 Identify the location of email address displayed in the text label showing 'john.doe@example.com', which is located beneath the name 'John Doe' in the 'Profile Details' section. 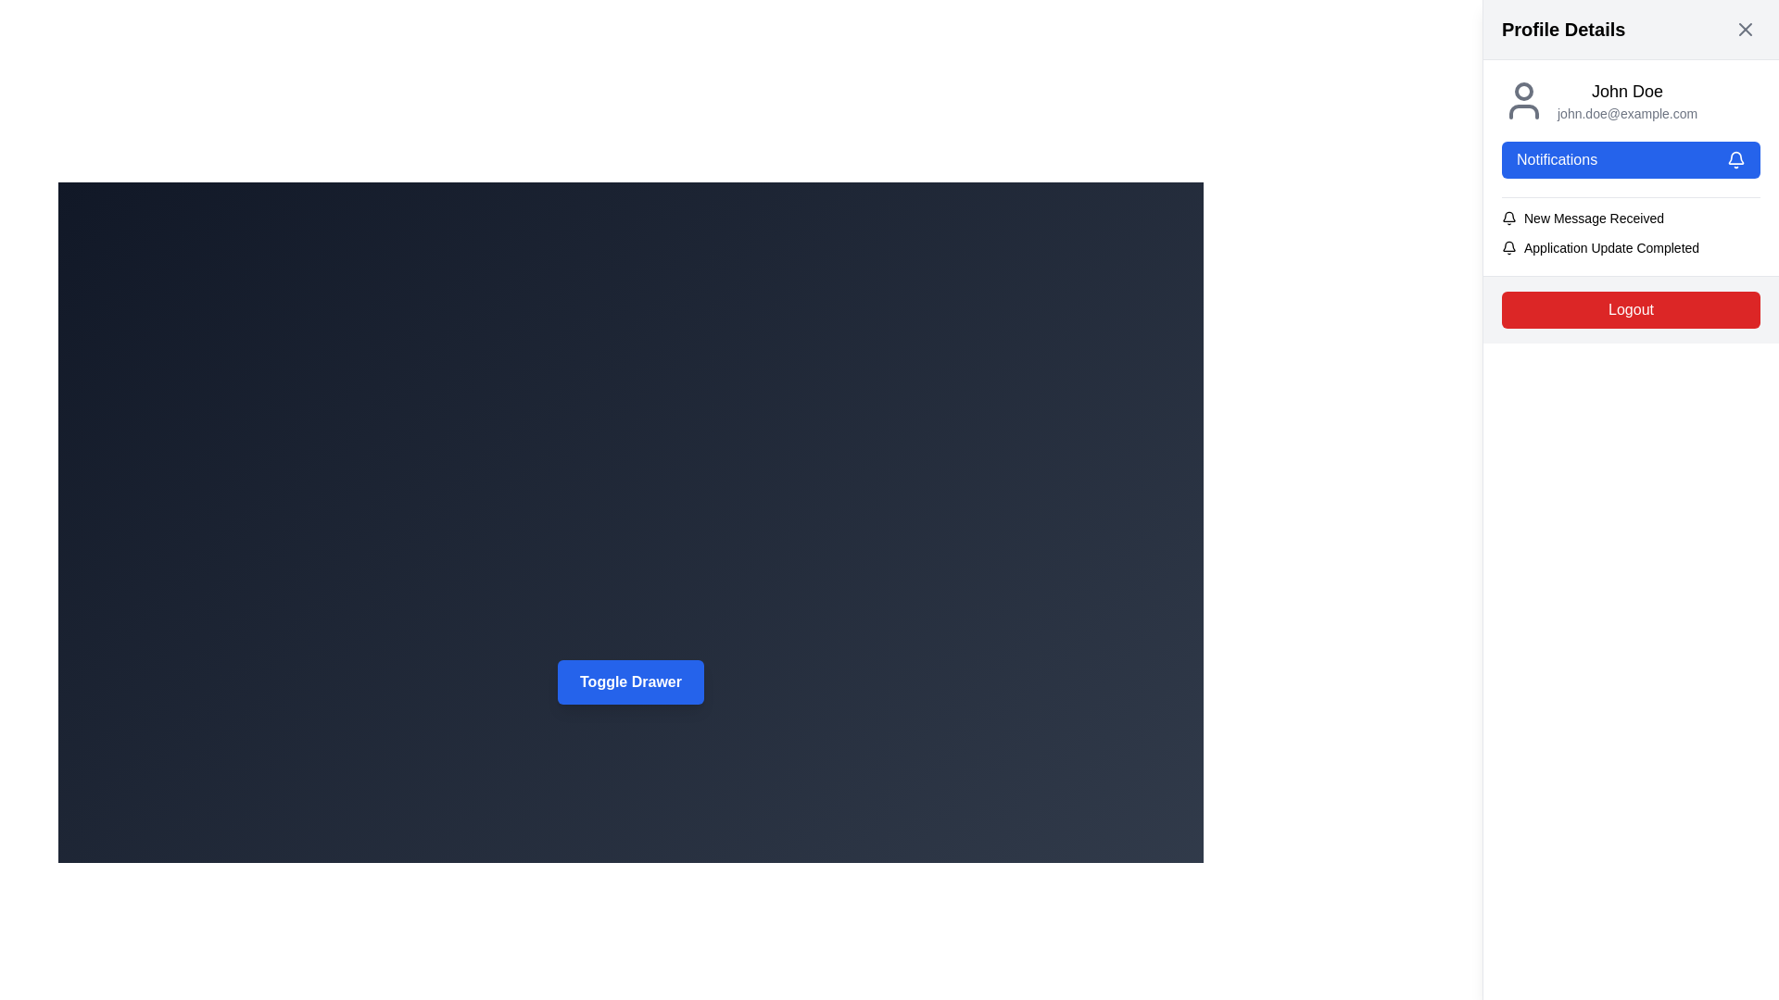
(1626, 114).